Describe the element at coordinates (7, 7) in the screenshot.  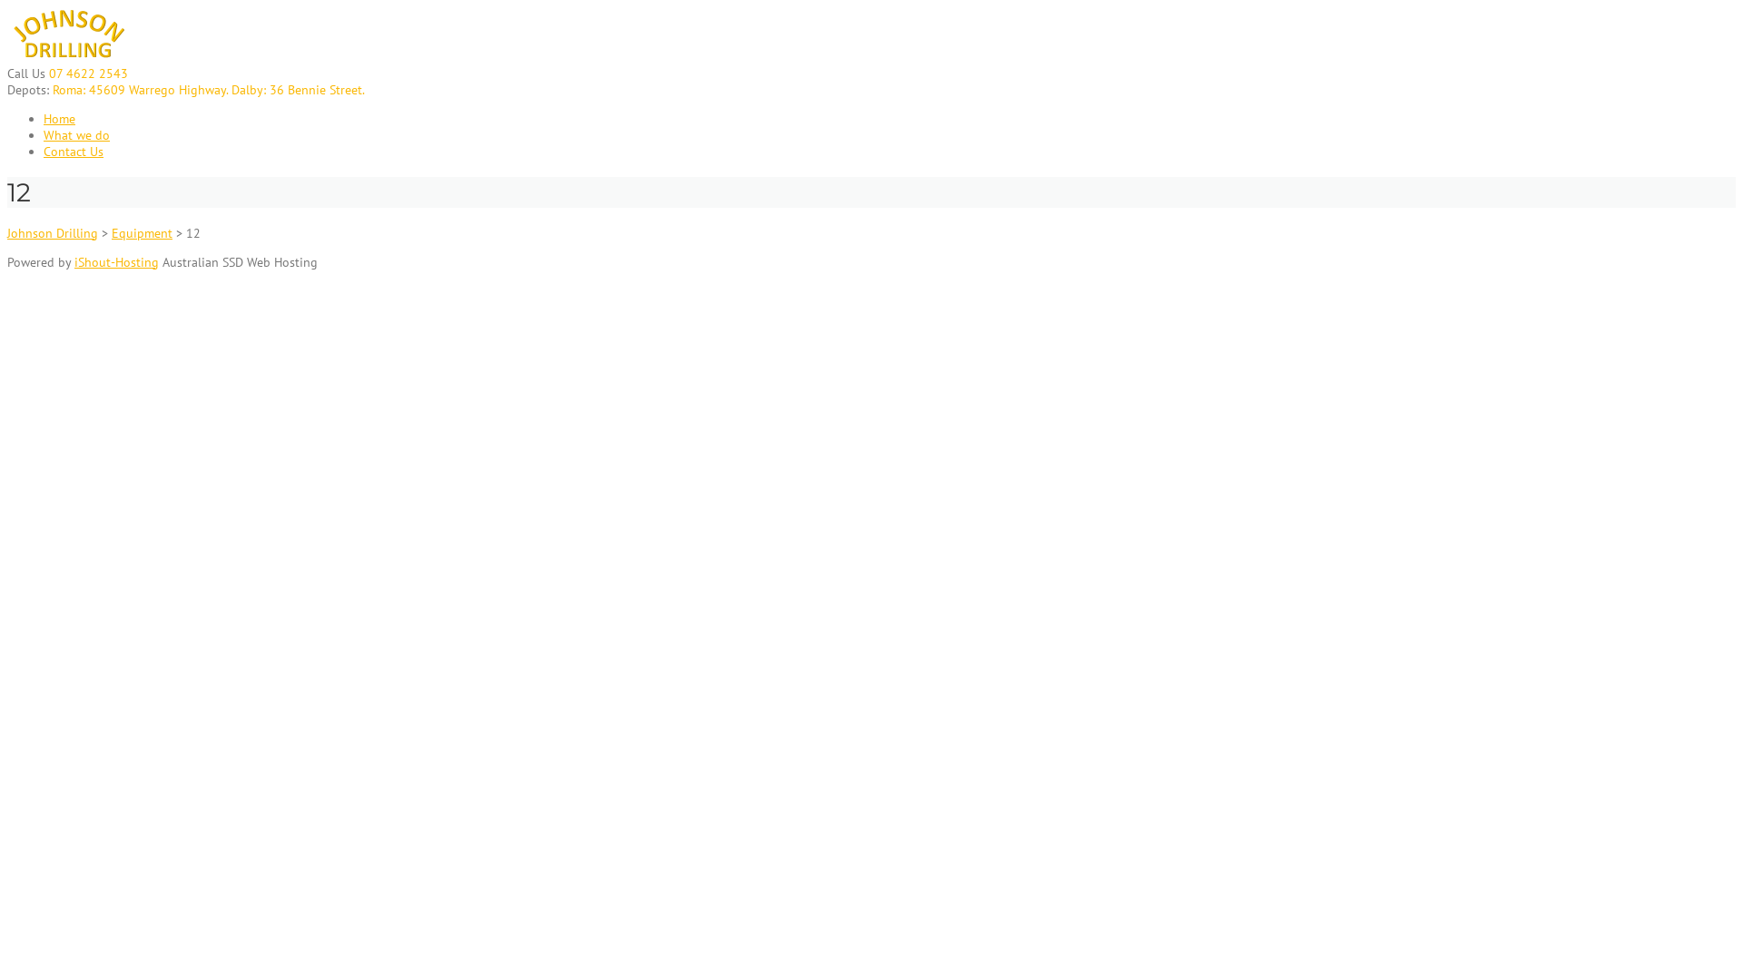
I see `'Skip to content'` at that location.